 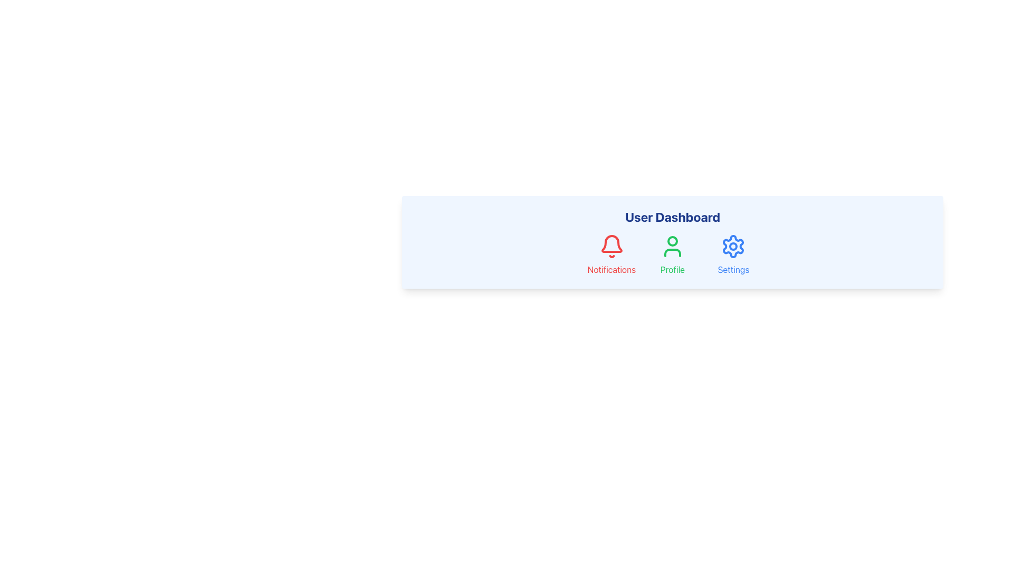 What do you see at coordinates (672, 254) in the screenshot?
I see `the 'Profile' interactive button in the 'User Dashboard' section` at bounding box center [672, 254].